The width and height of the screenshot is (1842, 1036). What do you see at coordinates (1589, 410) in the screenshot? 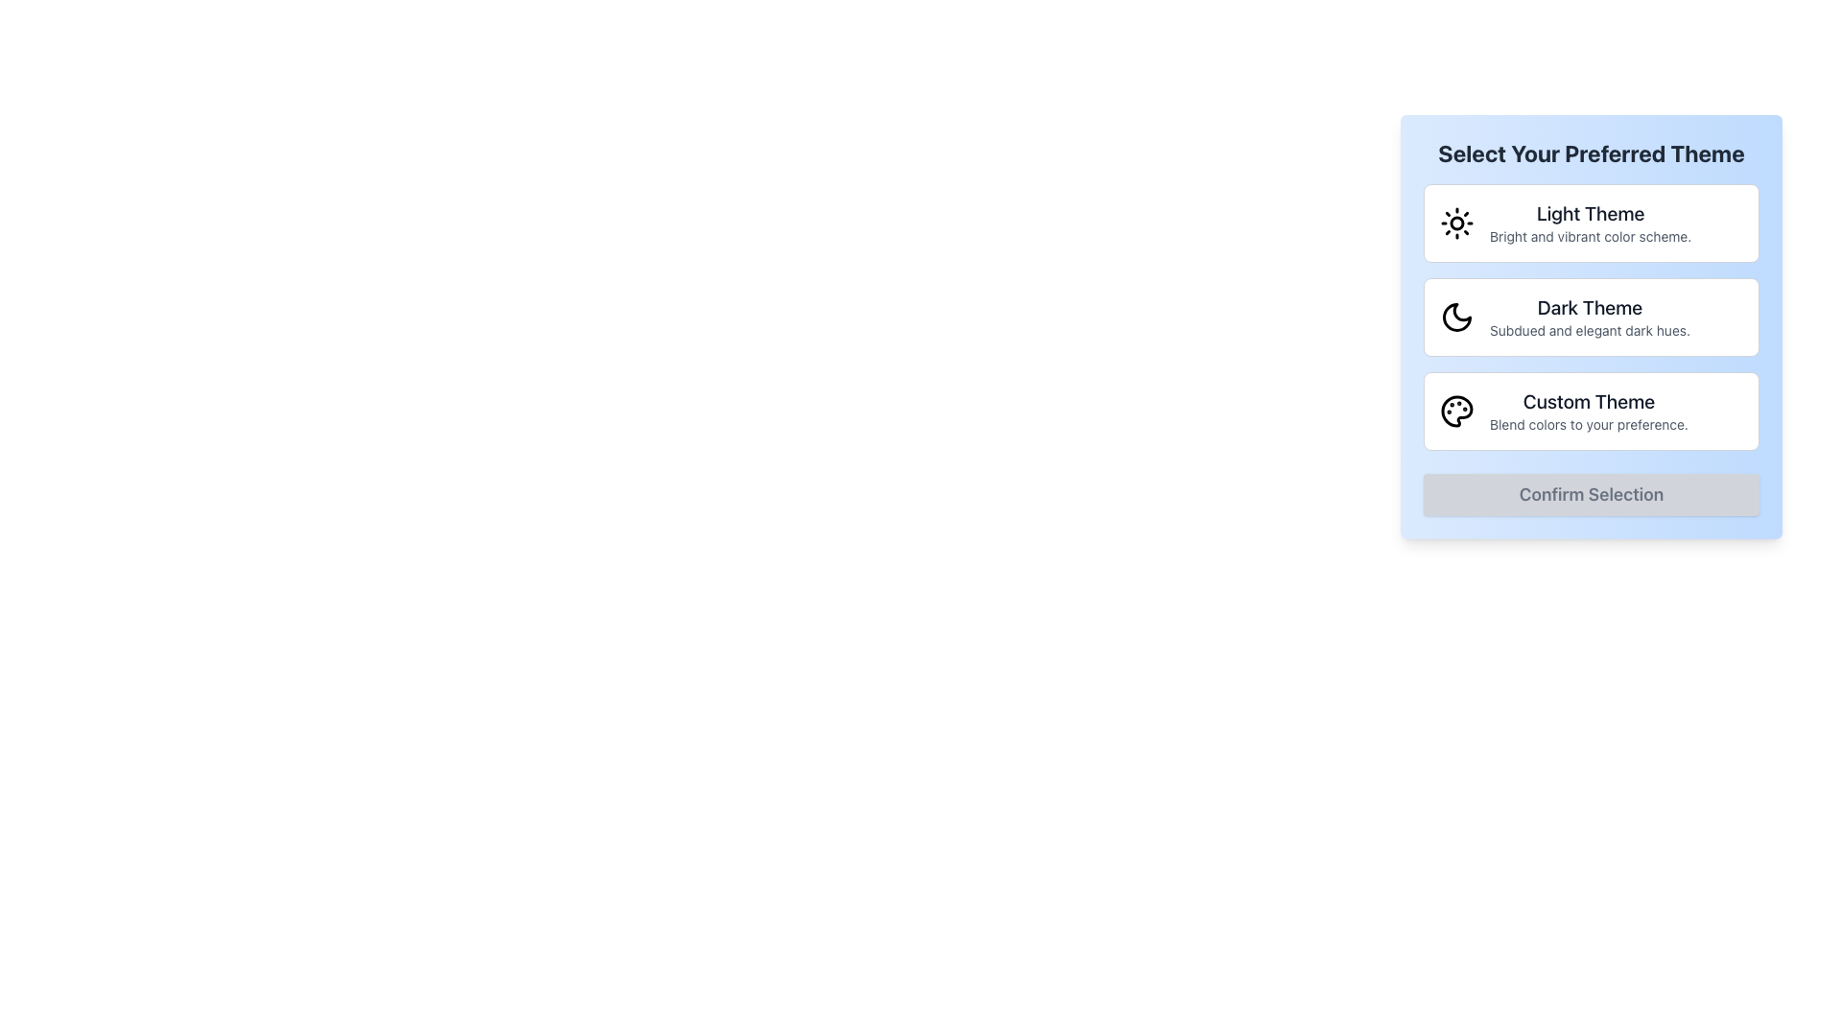
I see `textual description associated with the 'Custom Theme' selection option, which is located within the third box from the top in the vertically arranged list of theme options` at bounding box center [1589, 410].